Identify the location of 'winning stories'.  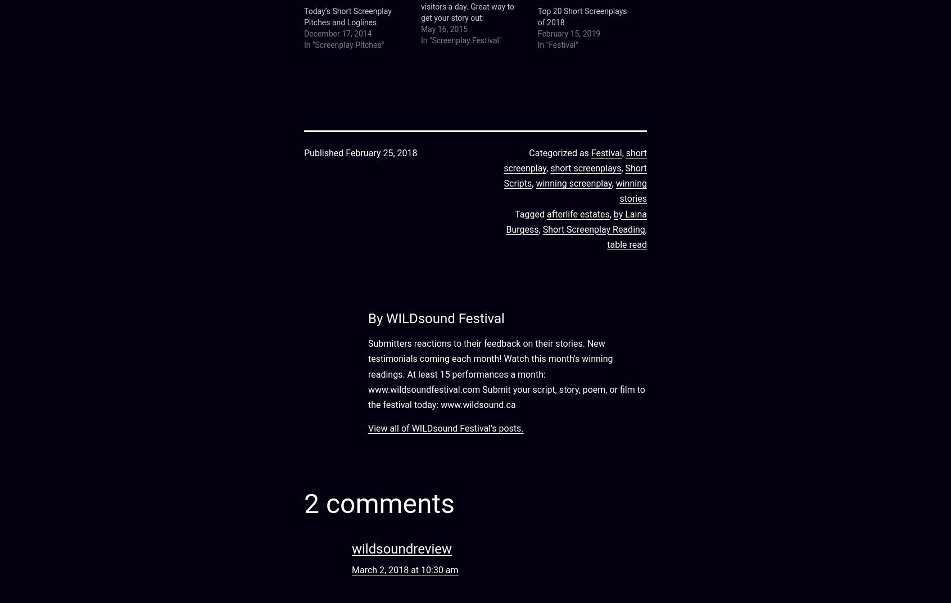
(631, 191).